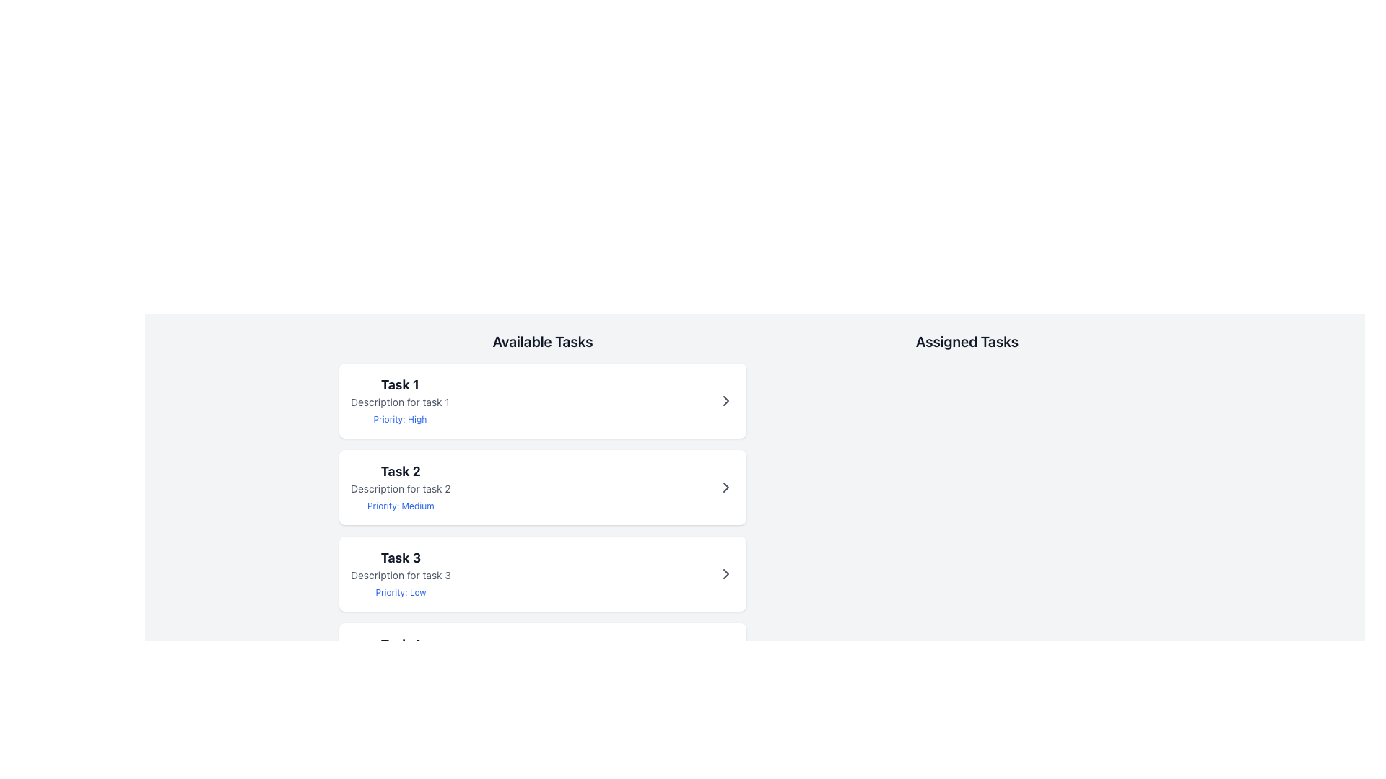 The width and height of the screenshot is (1386, 779). What do you see at coordinates (726, 400) in the screenshot?
I see `the navigation icon at the far-right end of the white card containing 'Task 1'` at bounding box center [726, 400].